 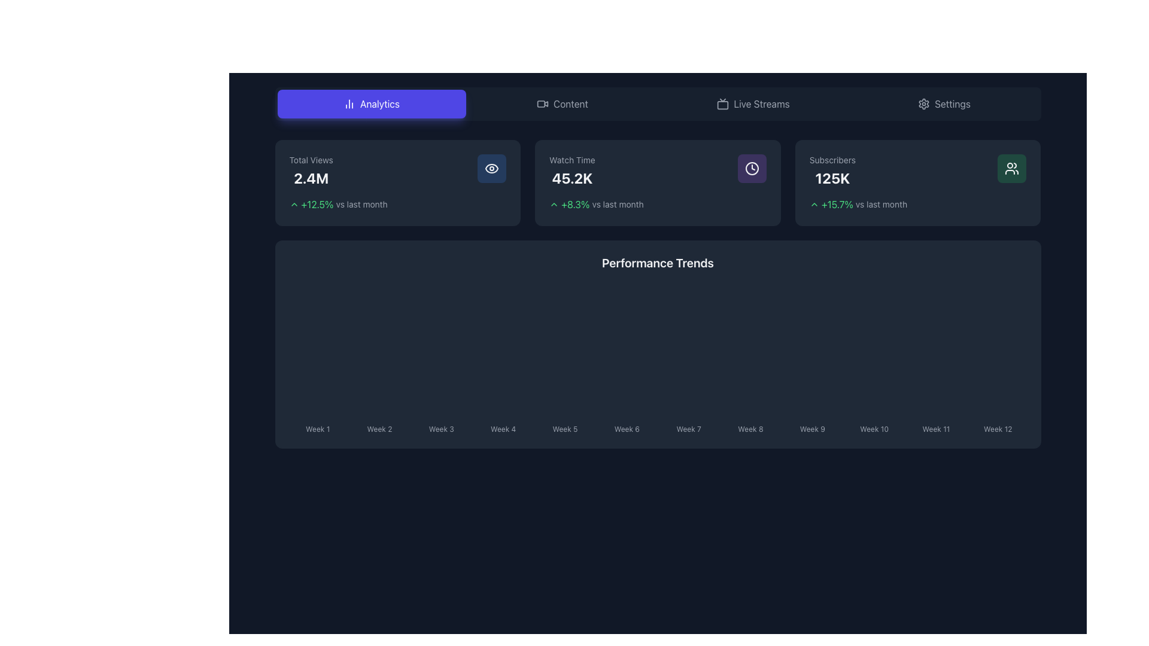 What do you see at coordinates (812, 428) in the screenshot?
I see `the ninth text label under the 'Performance Trends' chart, which identifies the corresponding week in a data visualization interface` at bounding box center [812, 428].